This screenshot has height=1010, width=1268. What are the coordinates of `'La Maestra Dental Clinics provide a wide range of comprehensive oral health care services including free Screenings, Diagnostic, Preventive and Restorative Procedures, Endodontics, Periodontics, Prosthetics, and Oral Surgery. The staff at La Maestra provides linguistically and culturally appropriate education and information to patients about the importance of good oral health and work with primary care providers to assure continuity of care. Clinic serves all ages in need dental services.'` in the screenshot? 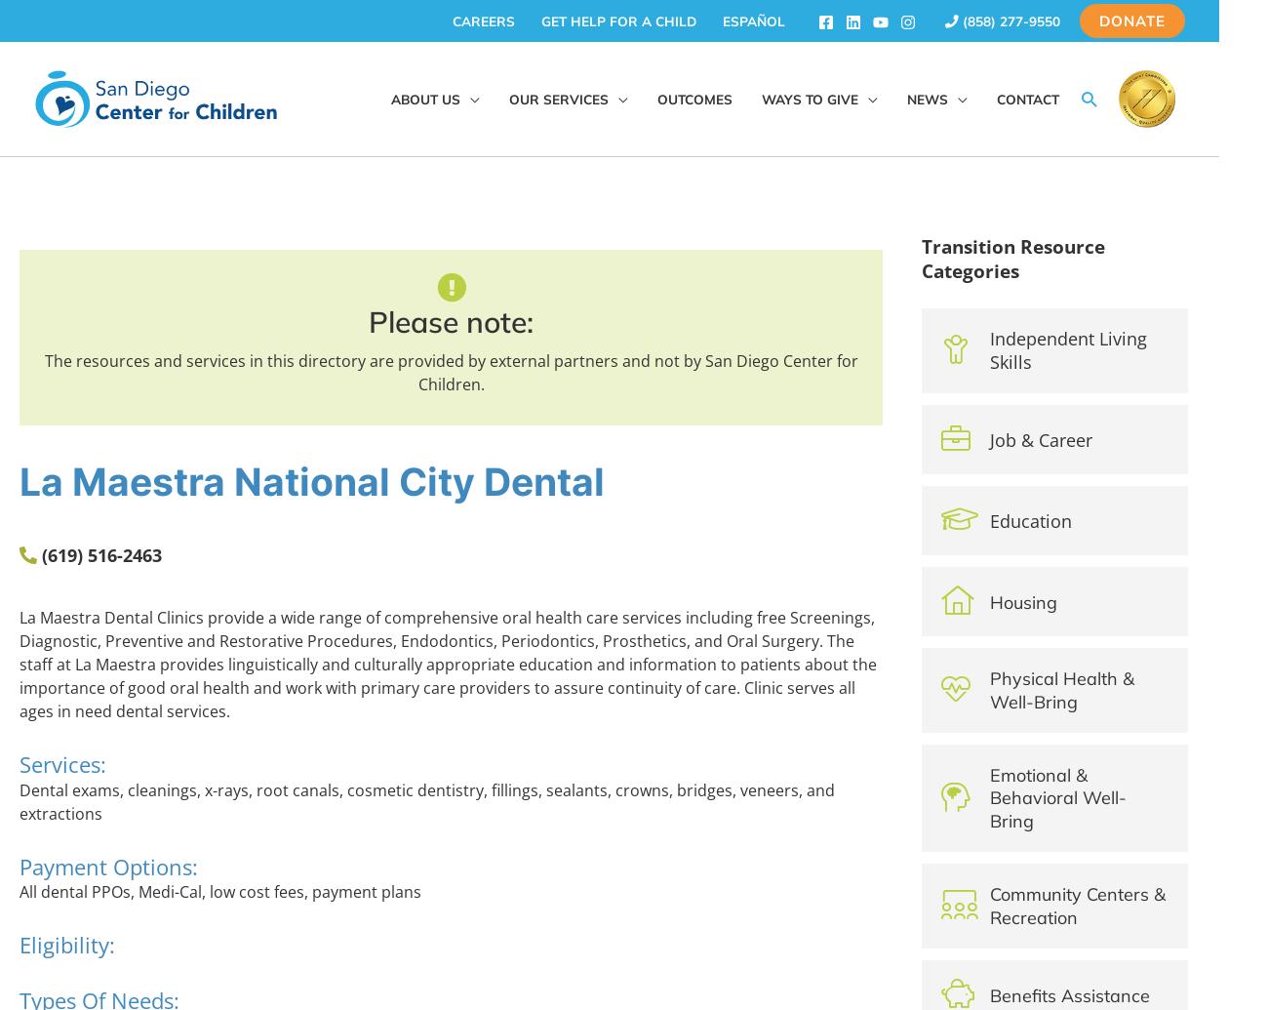 It's located at (447, 664).